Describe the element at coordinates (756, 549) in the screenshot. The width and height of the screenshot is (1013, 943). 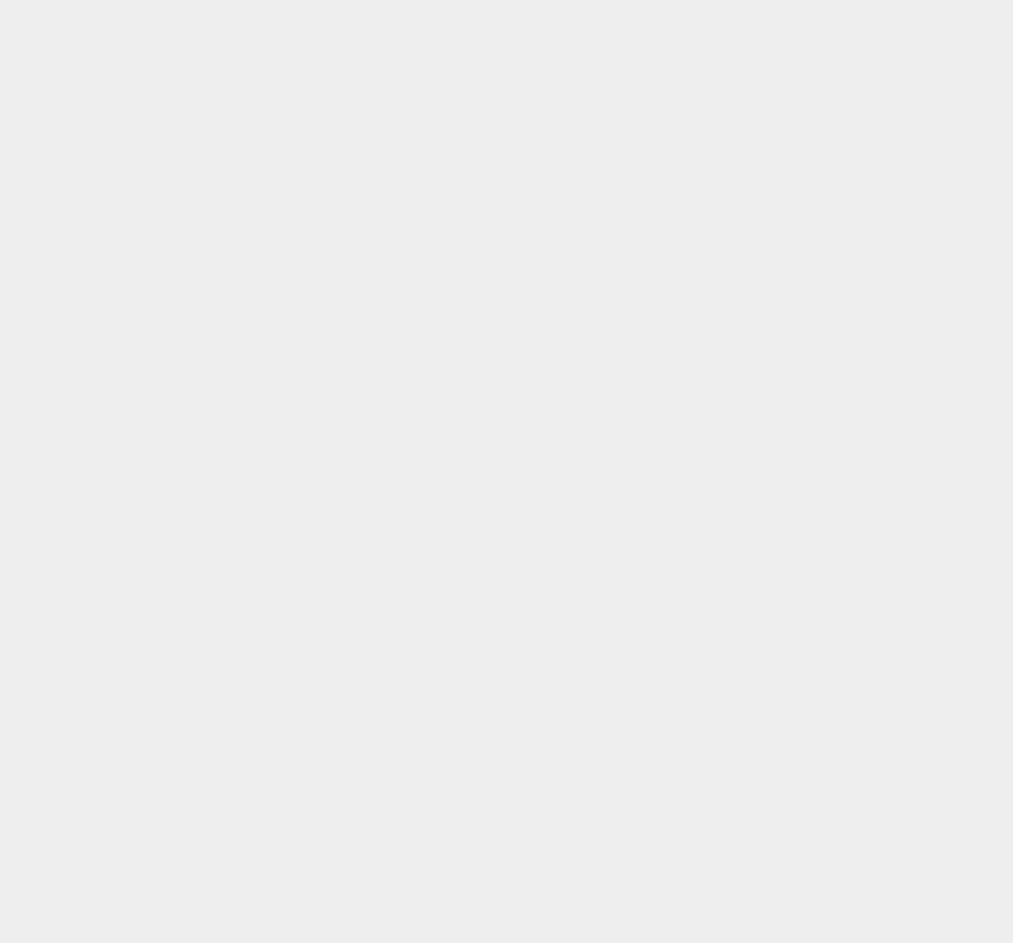
I see `'Western Digital'` at that location.